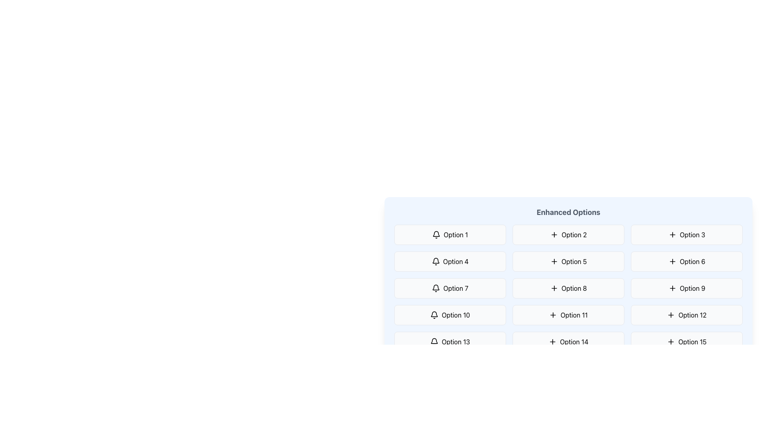  What do you see at coordinates (568, 266) in the screenshot?
I see `the rectangular button labeled 'Option 5' with a '+' icon` at bounding box center [568, 266].